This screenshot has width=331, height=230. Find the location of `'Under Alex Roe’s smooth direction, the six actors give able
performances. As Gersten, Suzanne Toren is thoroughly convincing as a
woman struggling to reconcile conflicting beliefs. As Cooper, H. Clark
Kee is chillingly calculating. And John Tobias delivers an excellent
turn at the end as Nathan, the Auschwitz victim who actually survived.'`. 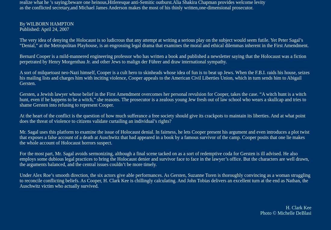

'Under Alex Roe’s smooth direction, the six actors give able
performances. As Gersten, Suzanne Toren is thoroughly convincing as a
woman struggling to reconcile conflicting beliefs. As Cooper, H. Clark
Kee is chillingly calculating. And John Tobias delivers an excellent
turn at the end as Nathan, the Auschwitz victim who actually survived.' is located at coordinates (165, 180).